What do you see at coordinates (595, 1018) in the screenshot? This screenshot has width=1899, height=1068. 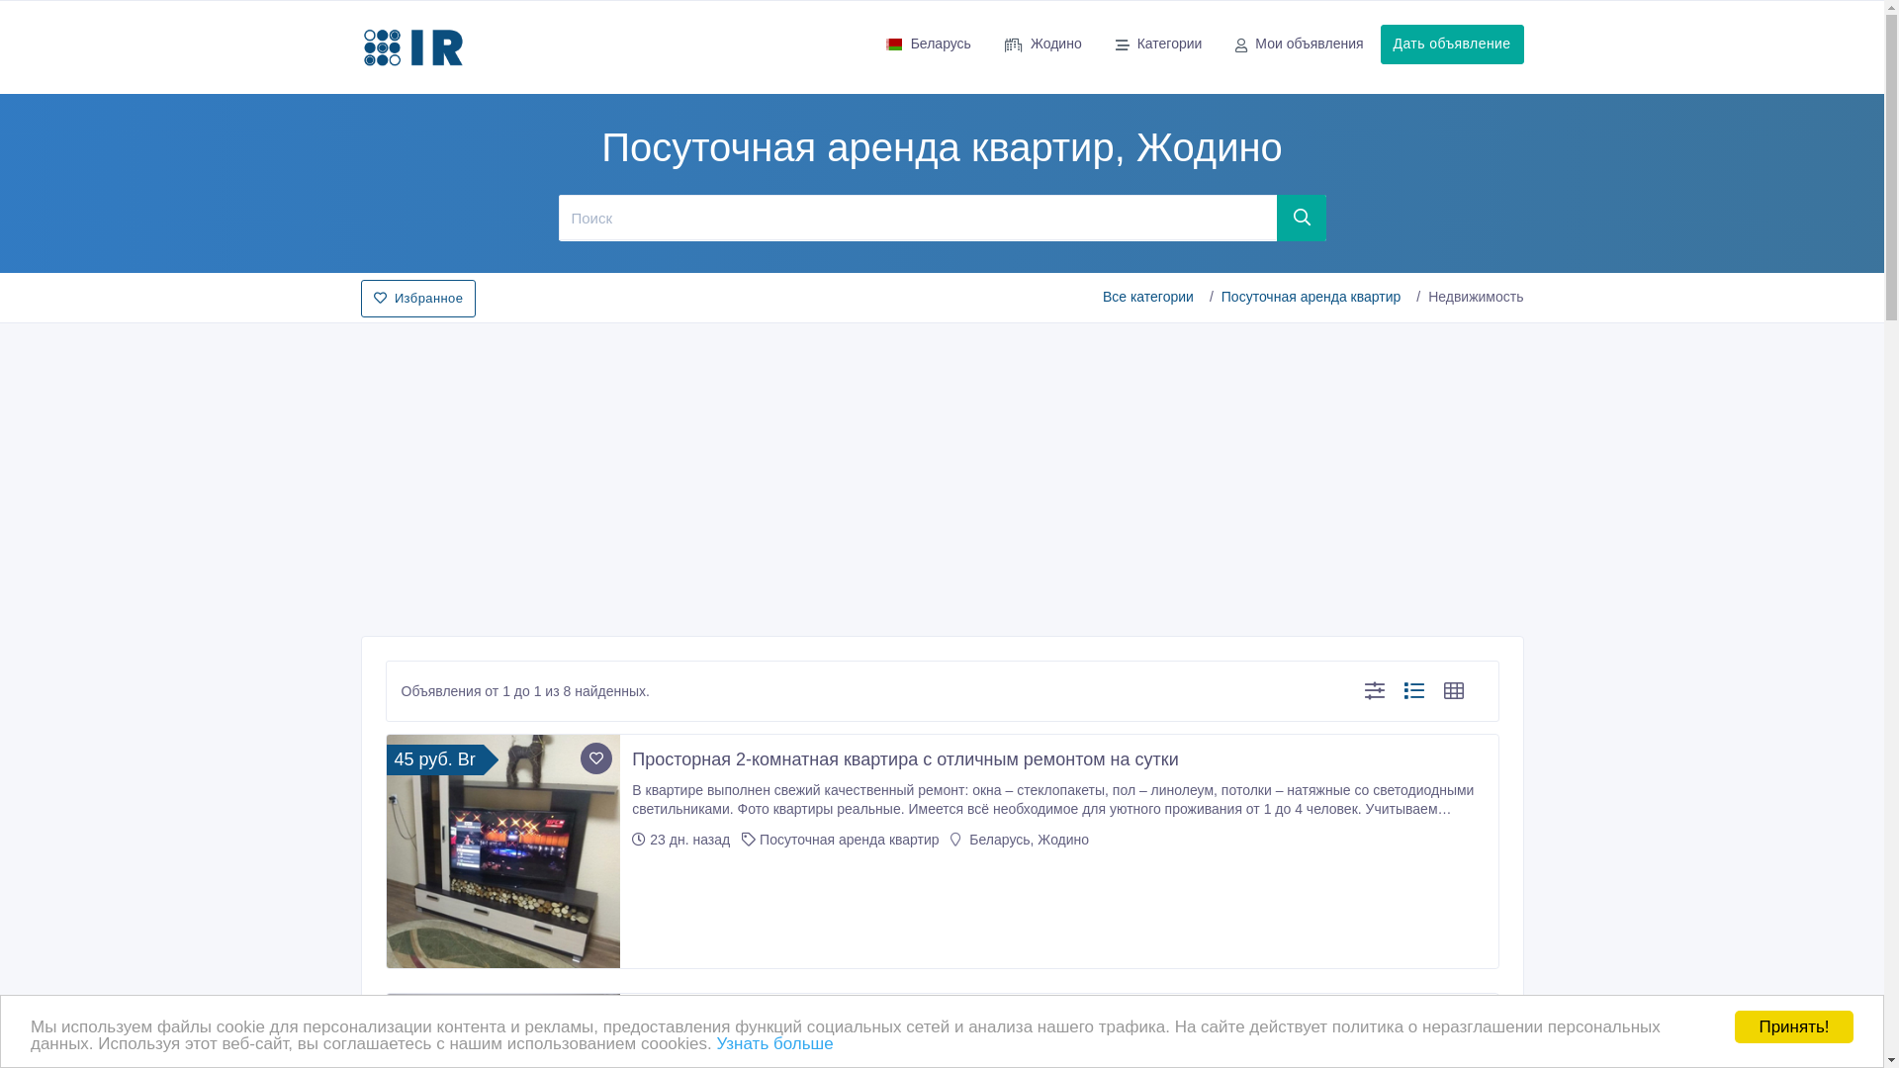 I see `'Add to favorite'` at bounding box center [595, 1018].